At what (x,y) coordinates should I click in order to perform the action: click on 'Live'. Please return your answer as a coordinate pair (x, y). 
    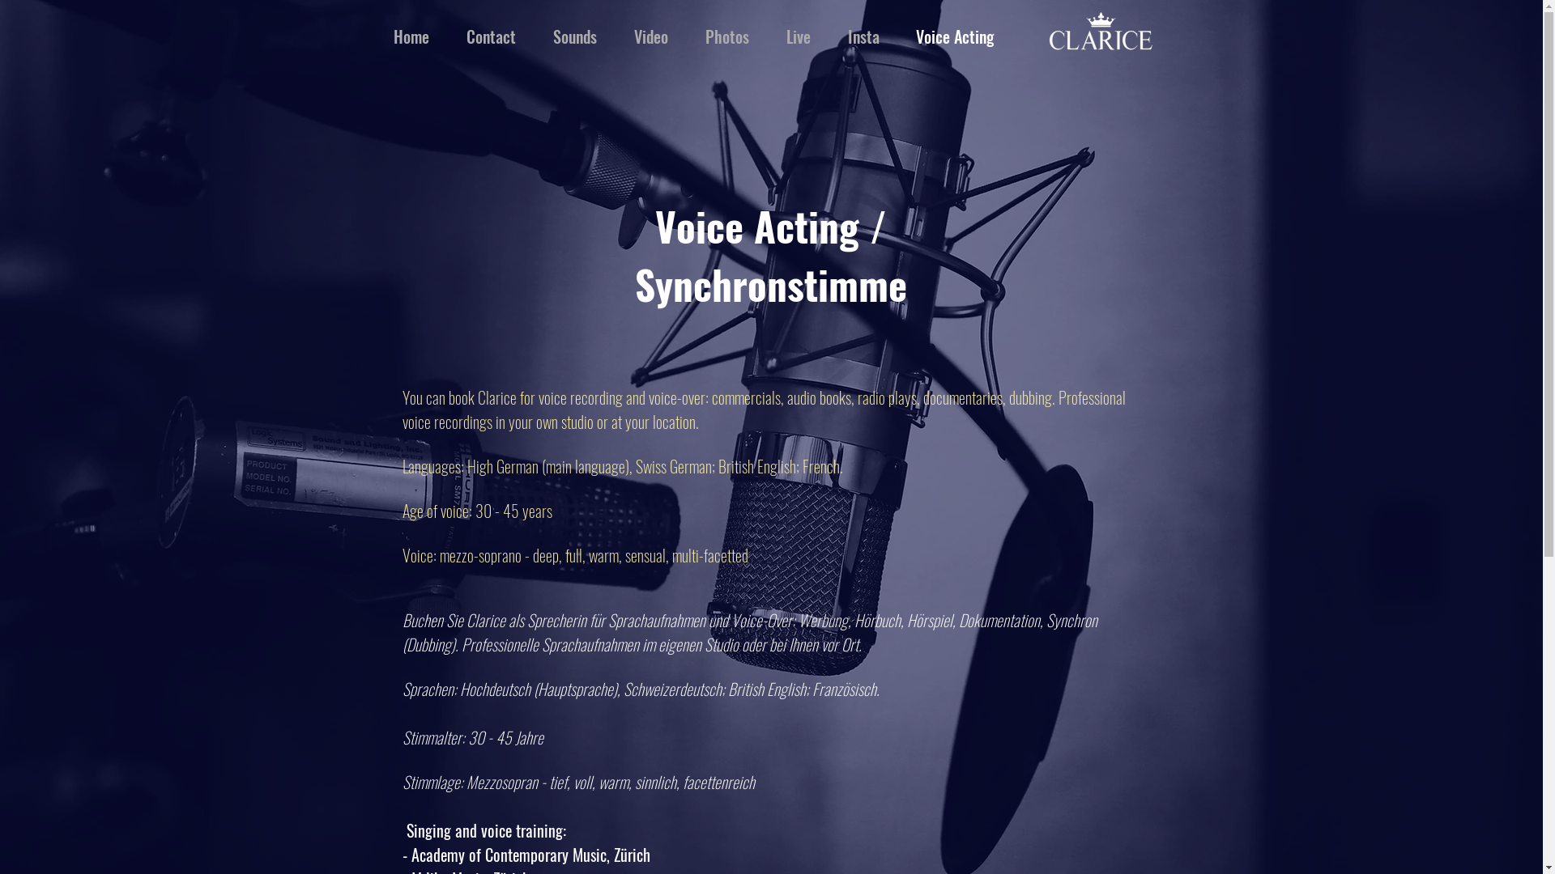
    Looking at the image, I should click on (767, 36).